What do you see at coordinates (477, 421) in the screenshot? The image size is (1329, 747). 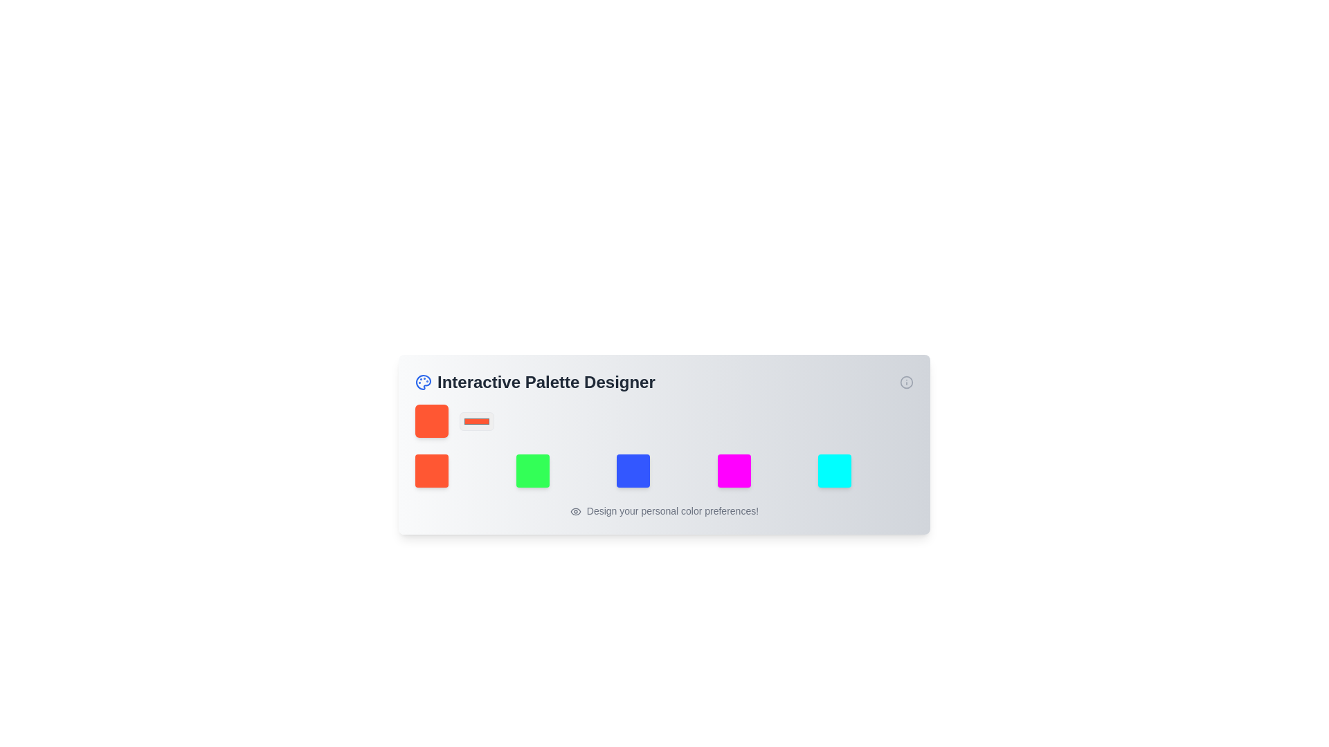 I see `the color picker input field, which is a small rectangular component with rounded edges and an orange fill` at bounding box center [477, 421].